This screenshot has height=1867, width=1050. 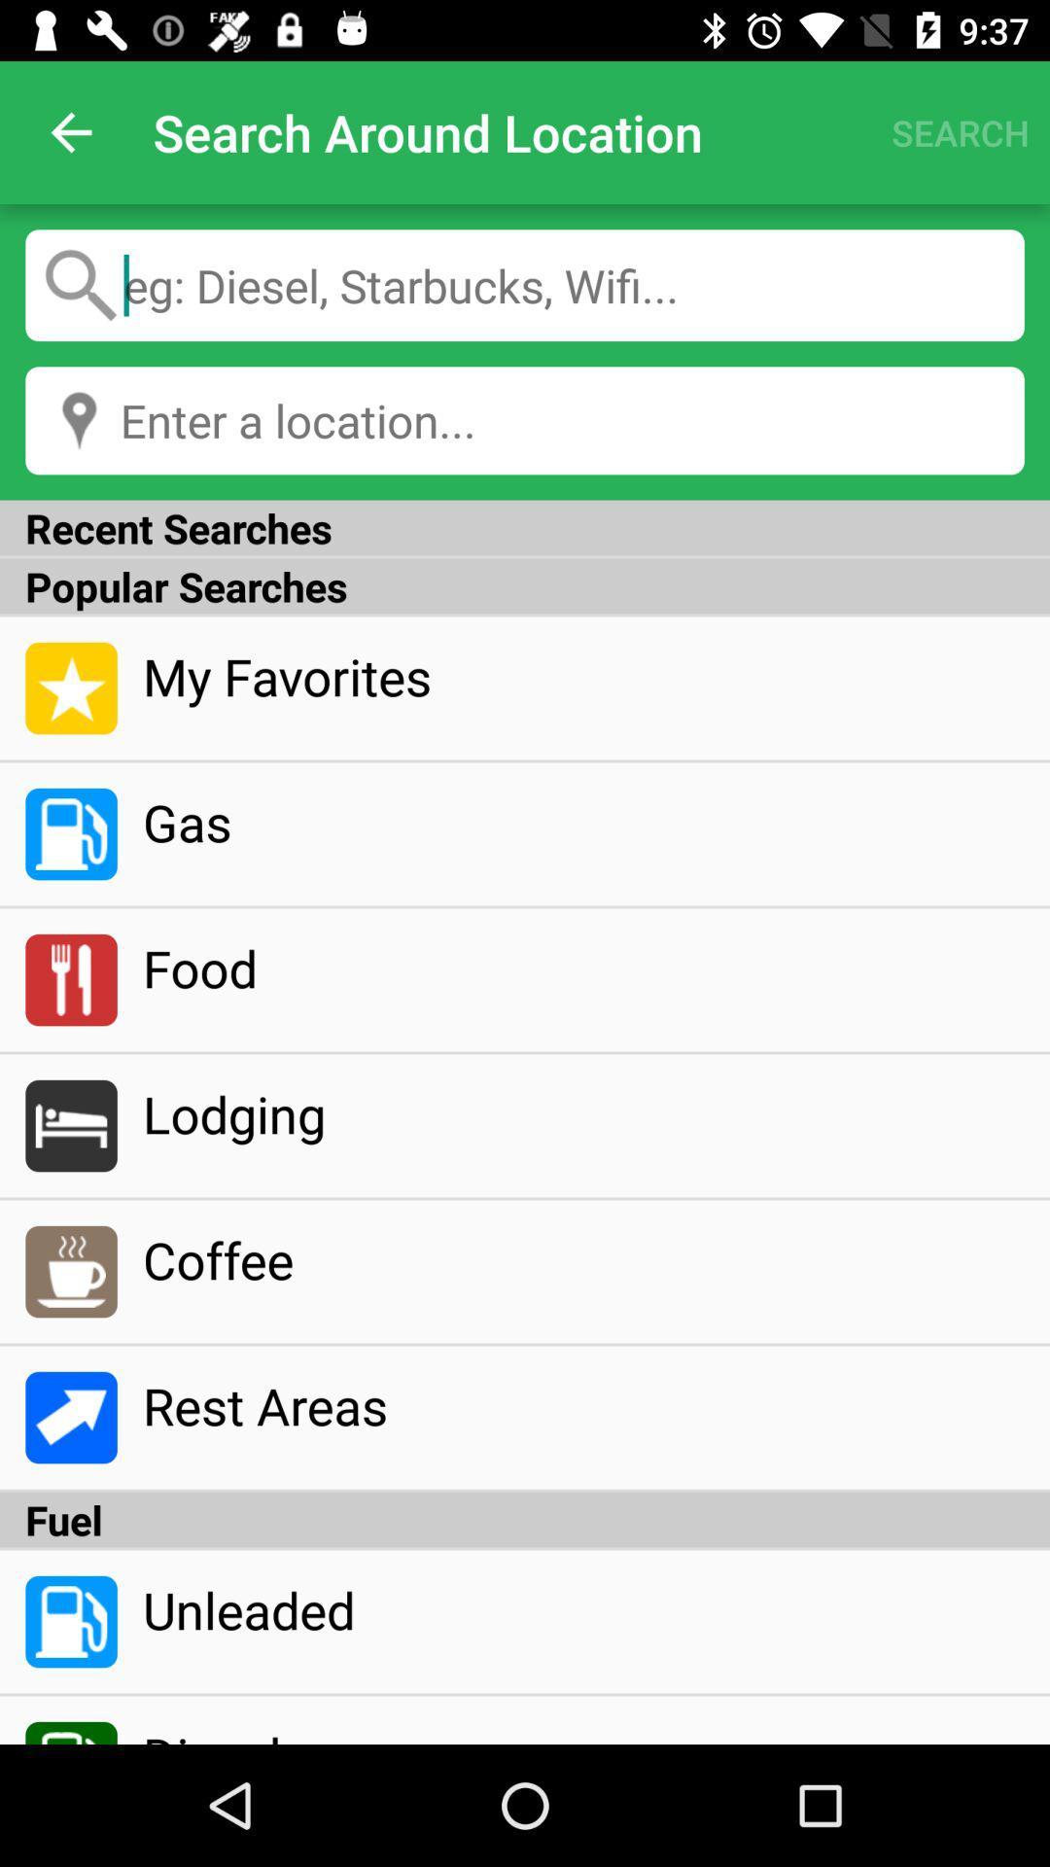 What do you see at coordinates (70, 131) in the screenshot?
I see `item to the left of search around location` at bounding box center [70, 131].